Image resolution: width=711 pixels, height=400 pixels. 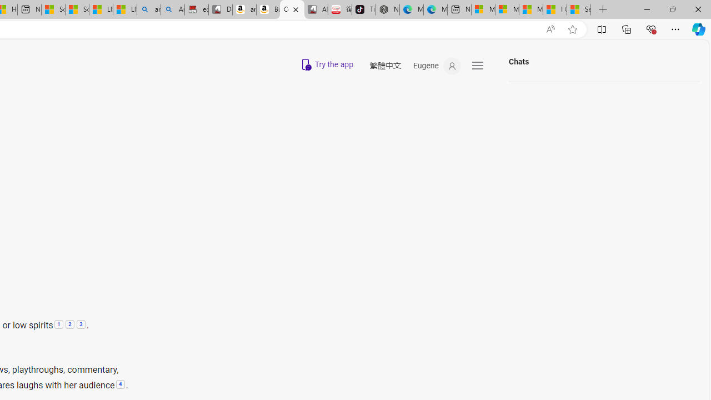 What do you see at coordinates (326, 64) in the screenshot?
I see `'Try Copilot App on mobile'` at bounding box center [326, 64].